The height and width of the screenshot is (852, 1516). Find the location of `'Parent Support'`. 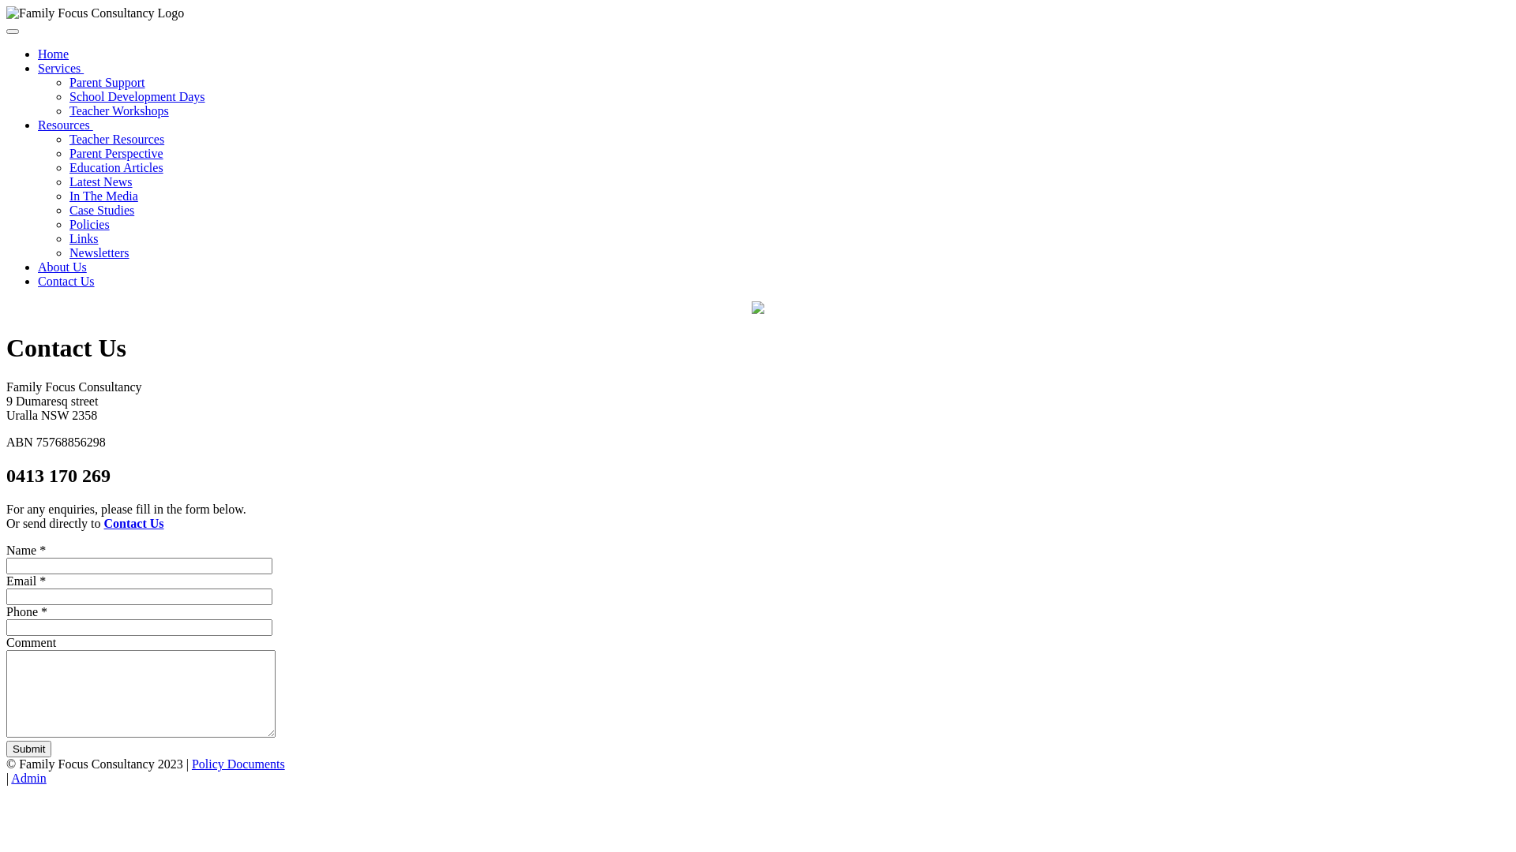

'Parent Support' is located at coordinates (106, 82).